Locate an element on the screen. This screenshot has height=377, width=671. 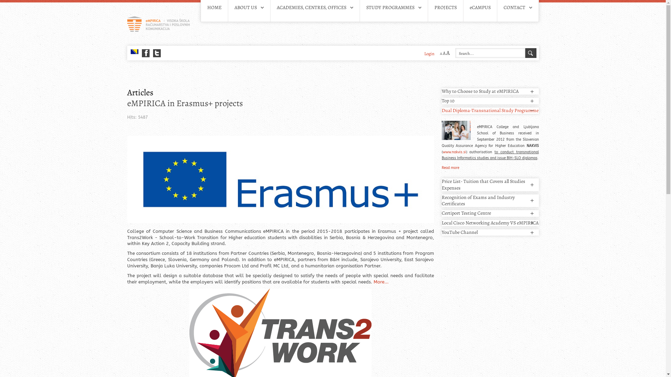
'PROJECTS' is located at coordinates (434, 7).